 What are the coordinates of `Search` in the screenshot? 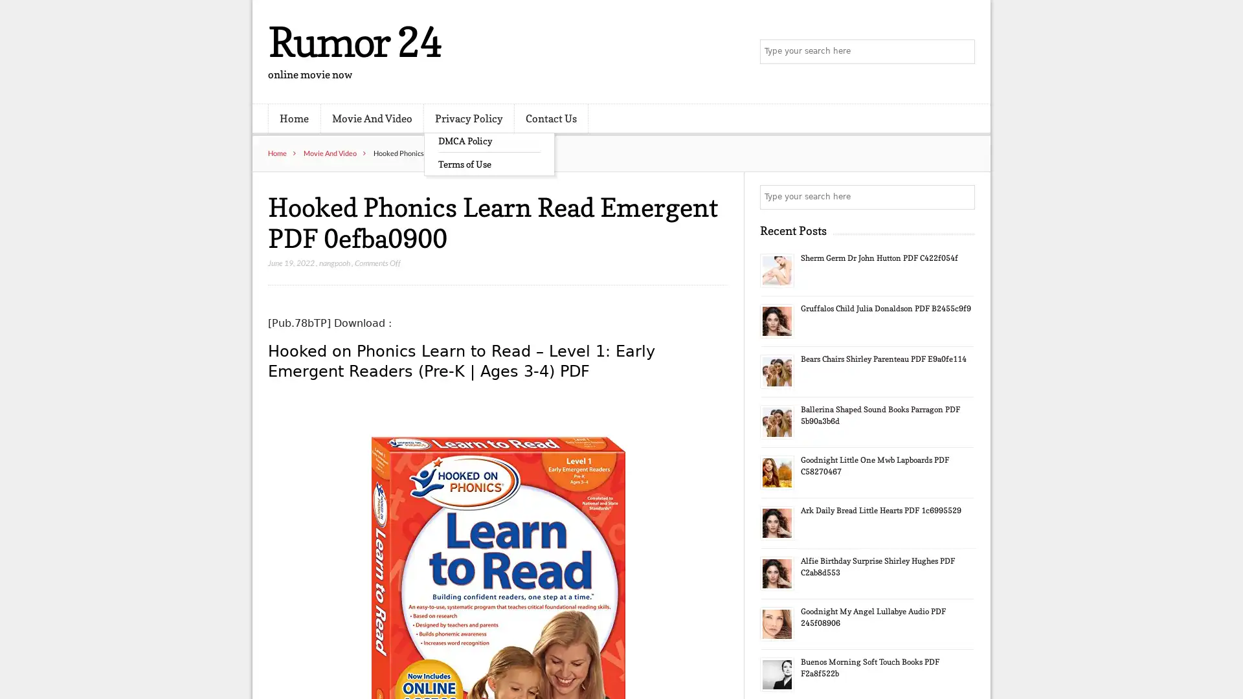 It's located at (961, 52).